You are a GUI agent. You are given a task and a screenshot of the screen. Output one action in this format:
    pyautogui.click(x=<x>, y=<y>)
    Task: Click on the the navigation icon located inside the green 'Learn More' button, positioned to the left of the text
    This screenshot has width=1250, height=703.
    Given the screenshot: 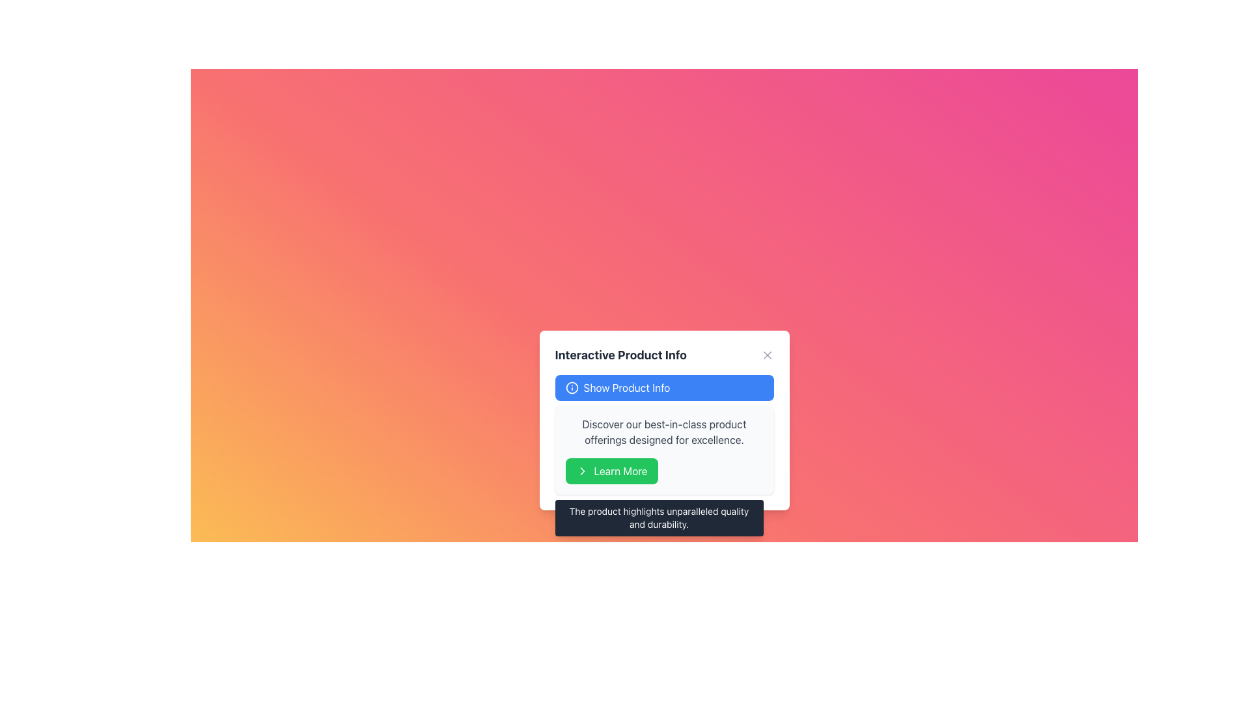 What is the action you would take?
    pyautogui.click(x=581, y=471)
    